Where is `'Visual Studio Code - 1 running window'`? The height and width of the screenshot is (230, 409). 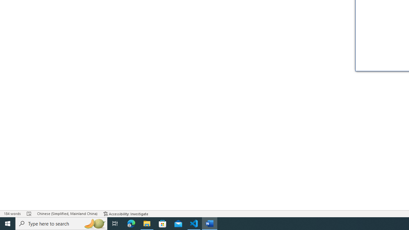
'Visual Studio Code - 1 running window' is located at coordinates (194, 223).